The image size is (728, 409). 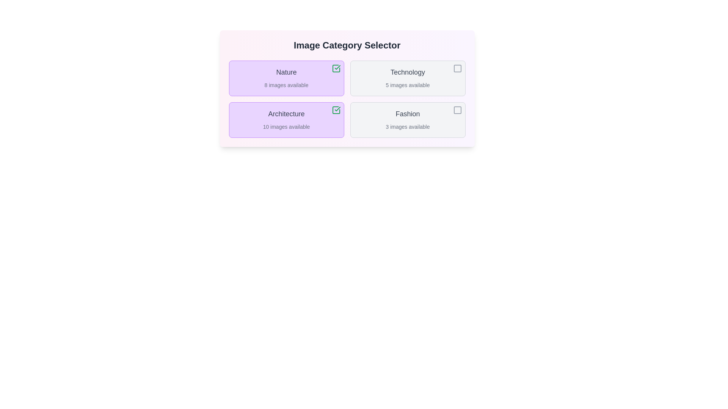 I want to click on the category Fashion to observe its hover effect, so click(x=407, y=119).